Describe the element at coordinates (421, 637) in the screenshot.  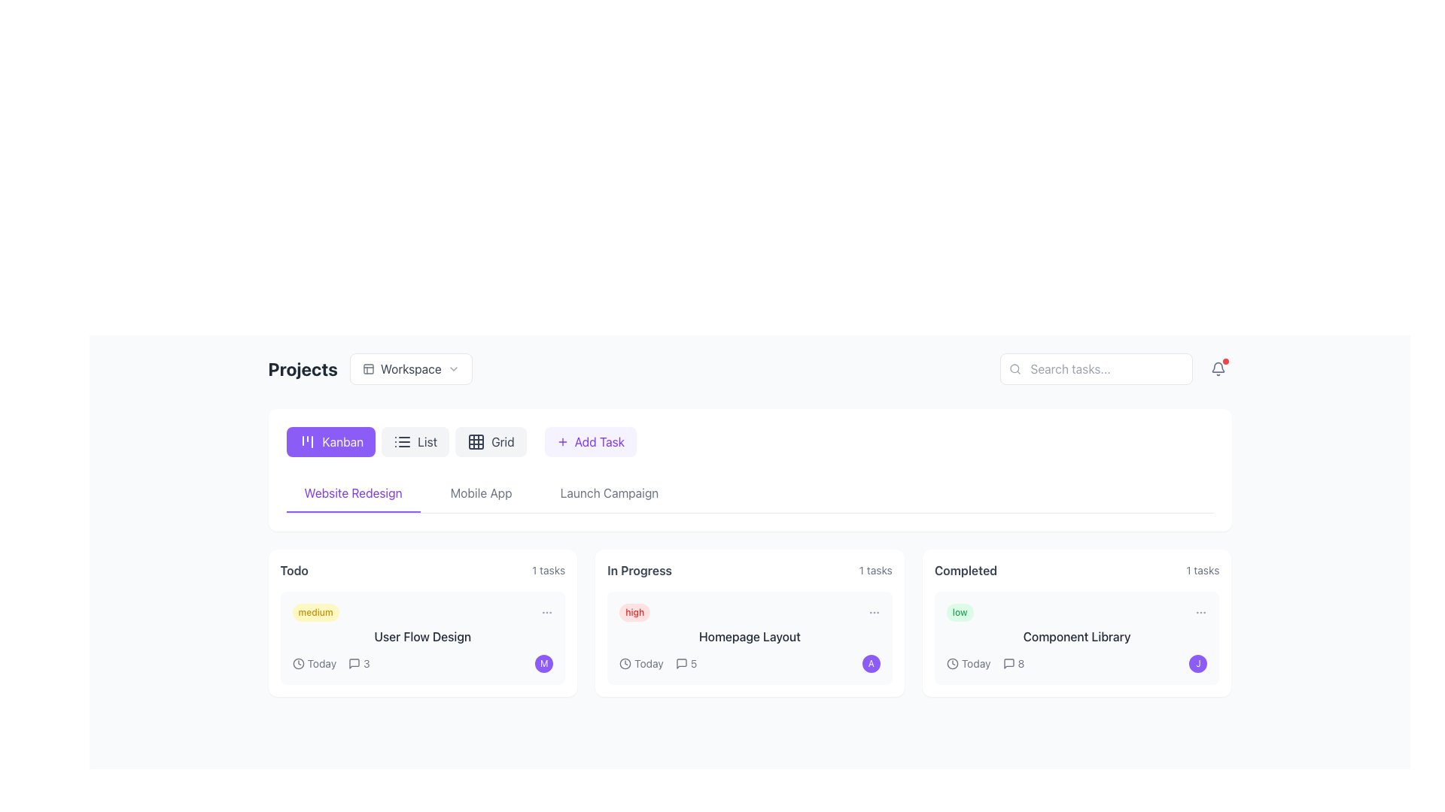
I see `text content of the label displaying 'User Flow Design' located in the center of a card below the yellow label 'medium' in the 'To Do' column of the Kanban UI` at that location.